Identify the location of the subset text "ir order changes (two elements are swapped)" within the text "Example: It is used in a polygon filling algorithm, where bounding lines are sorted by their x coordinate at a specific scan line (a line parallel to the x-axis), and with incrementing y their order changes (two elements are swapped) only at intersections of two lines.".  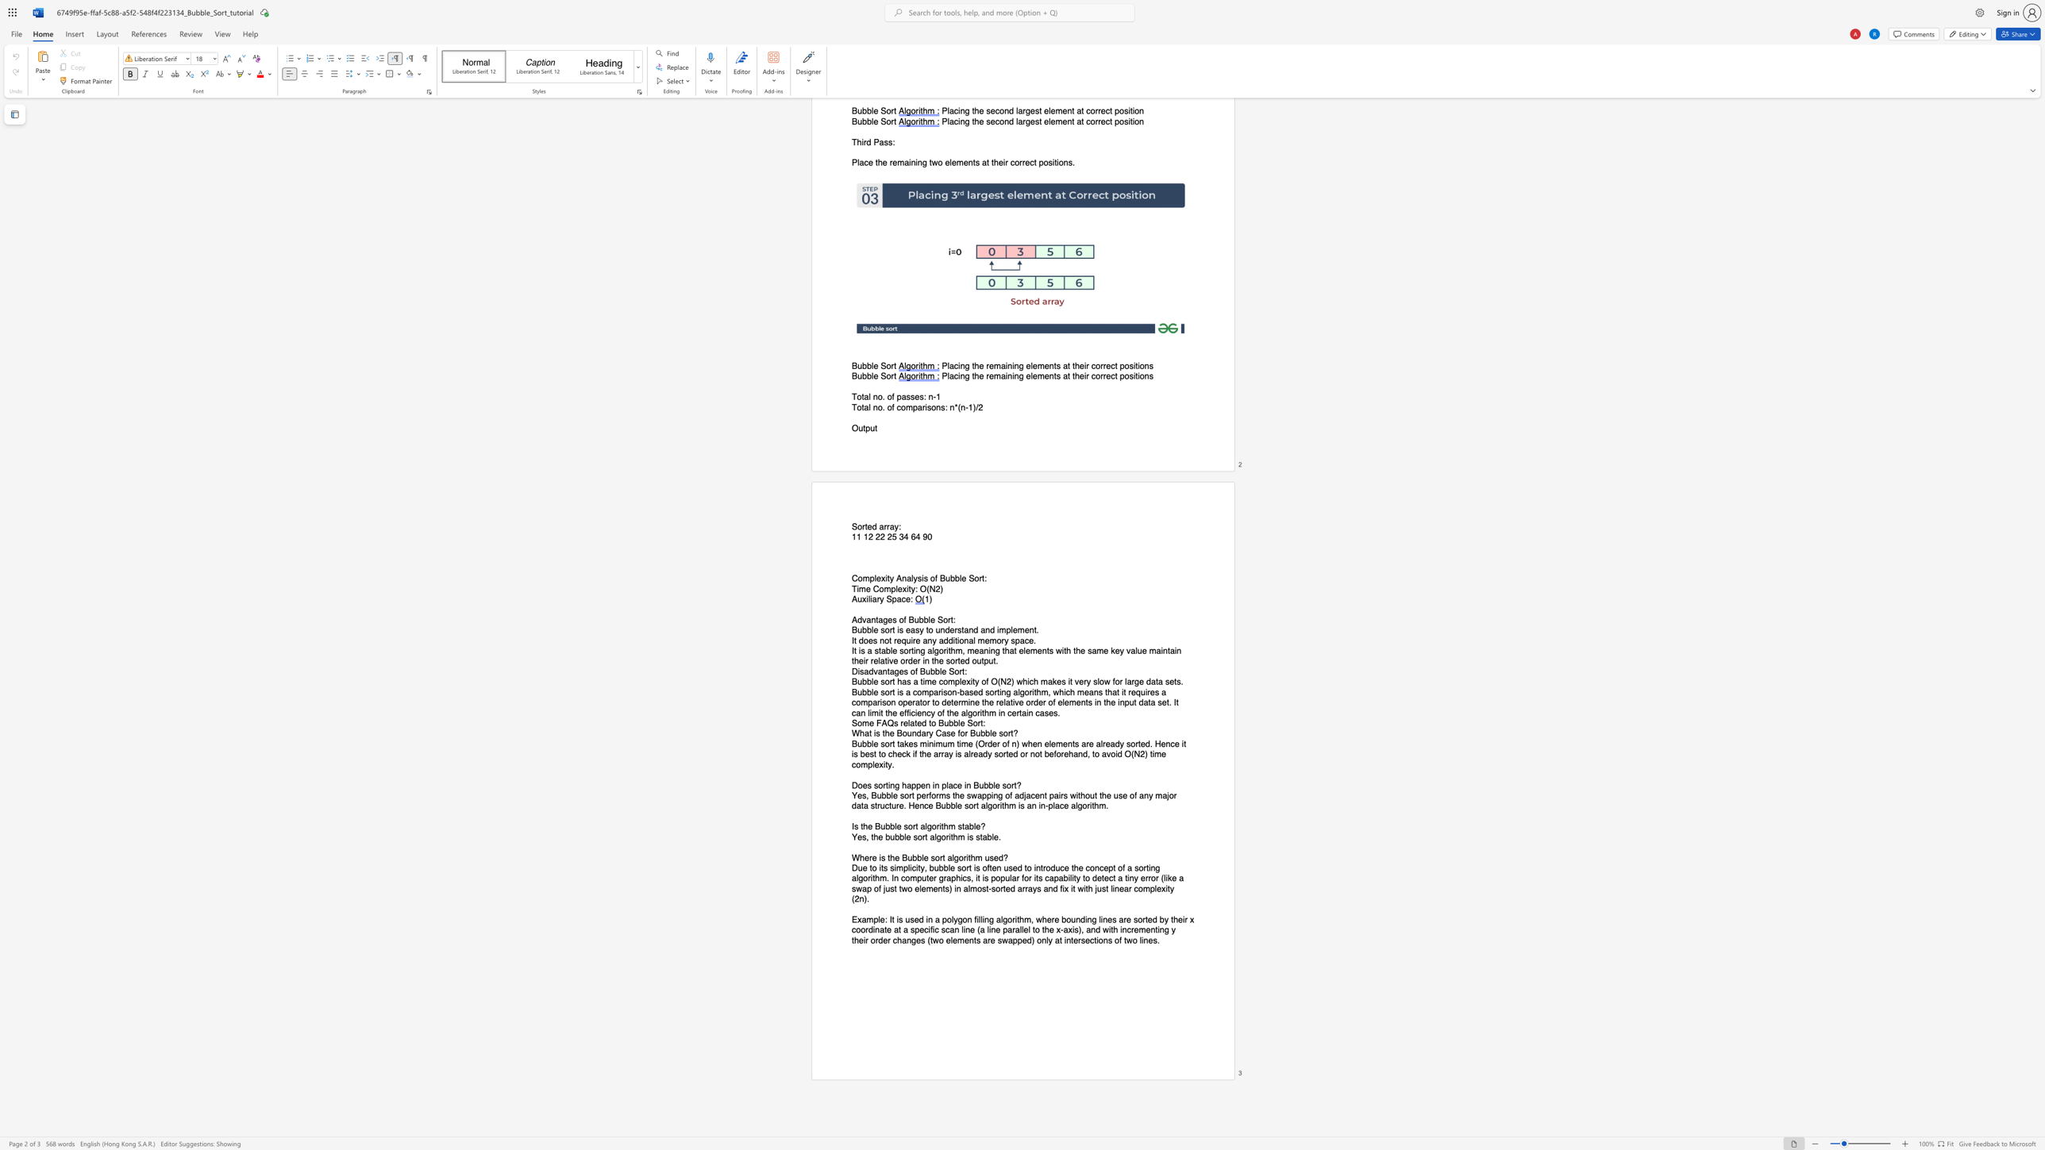
(863, 939).